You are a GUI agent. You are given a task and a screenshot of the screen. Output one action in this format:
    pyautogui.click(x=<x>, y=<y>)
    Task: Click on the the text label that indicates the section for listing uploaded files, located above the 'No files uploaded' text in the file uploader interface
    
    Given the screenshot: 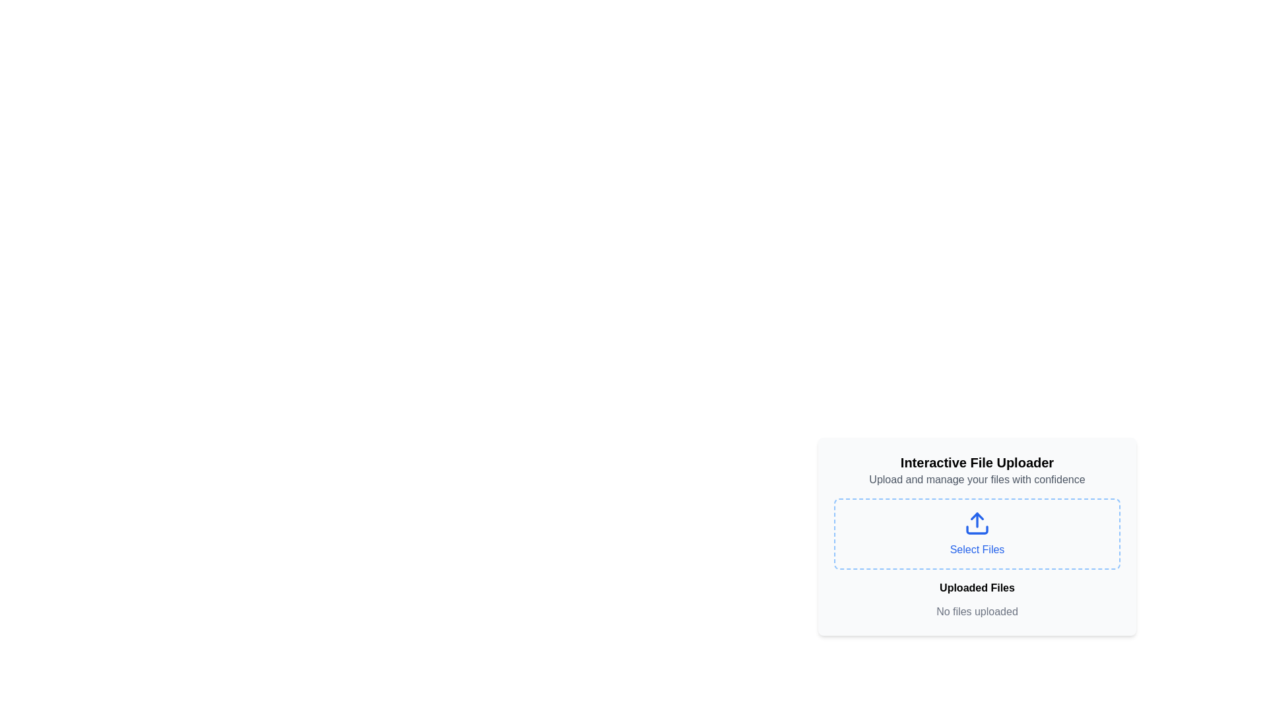 What is the action you would take?
    pyautogui.click(x=977, y=588)
    